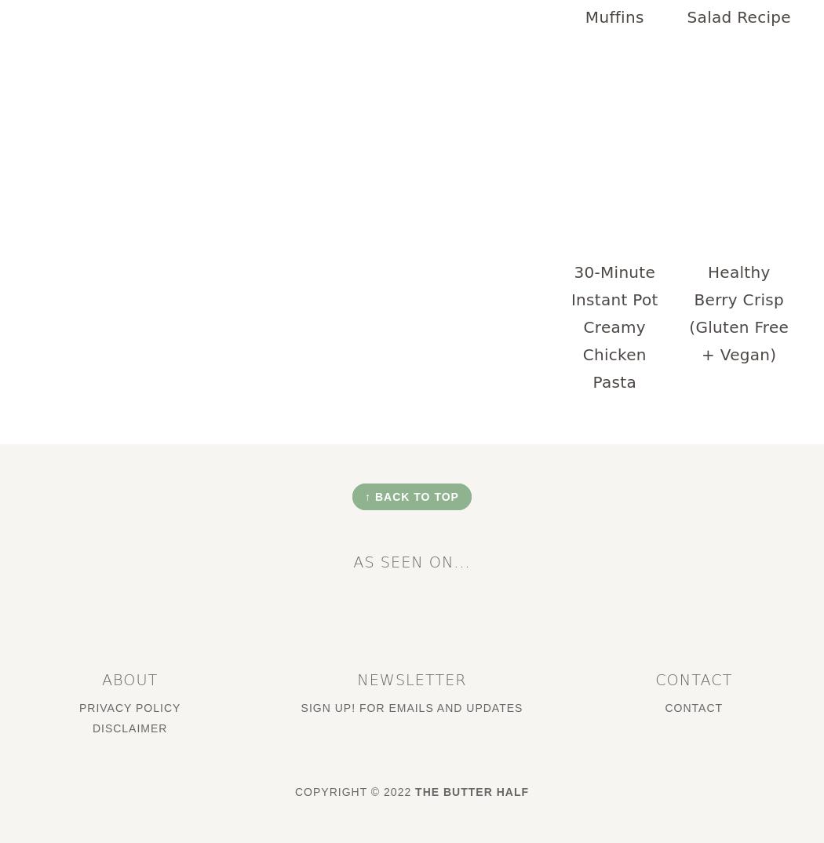  I want to click on 'Privacy Policy', so click(129, 706).